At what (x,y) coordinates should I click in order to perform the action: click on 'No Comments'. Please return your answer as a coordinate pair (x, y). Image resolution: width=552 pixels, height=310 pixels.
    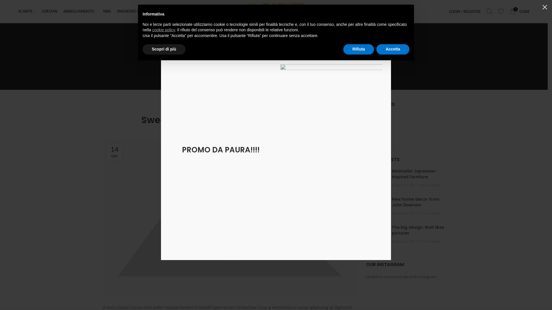
    Looking at the image, I should click on (430, 185).